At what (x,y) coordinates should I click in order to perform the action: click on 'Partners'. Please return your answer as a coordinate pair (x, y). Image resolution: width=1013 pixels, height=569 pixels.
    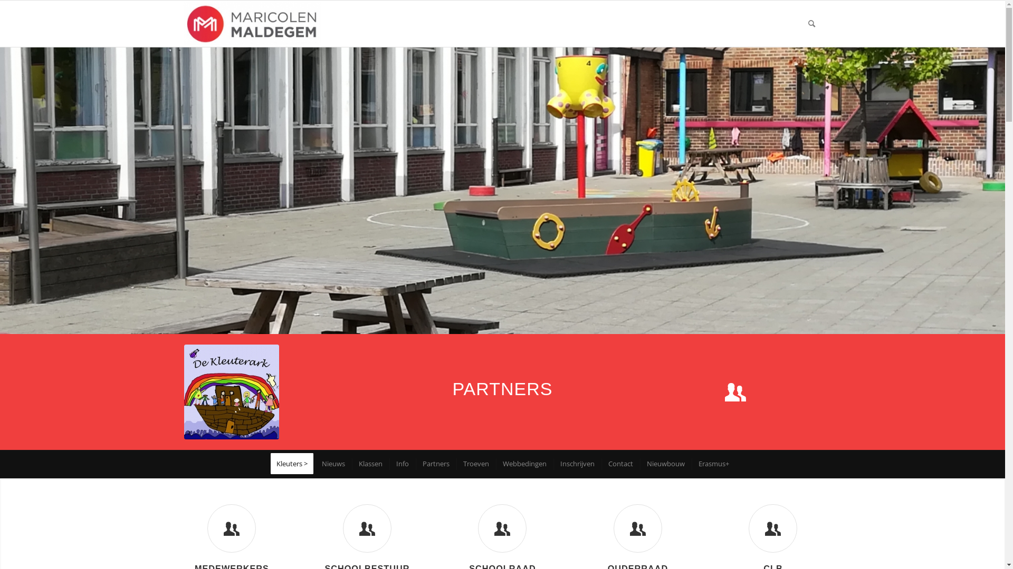
    Looking at the image, I should click on (415, 463).